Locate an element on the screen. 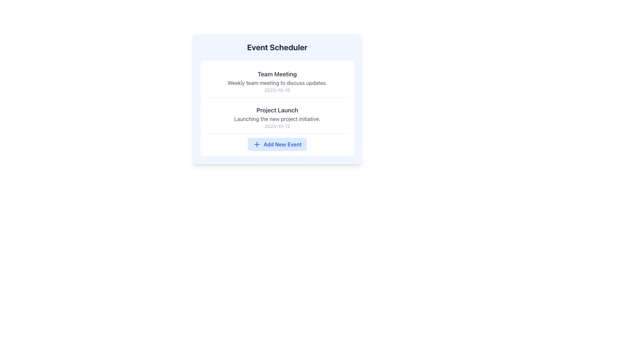  the static text that provides additional details about the 'Team Meeting', located under the title 'Team Meeting' and above the date '2023-10-10' is located at coordinates (277, 82).